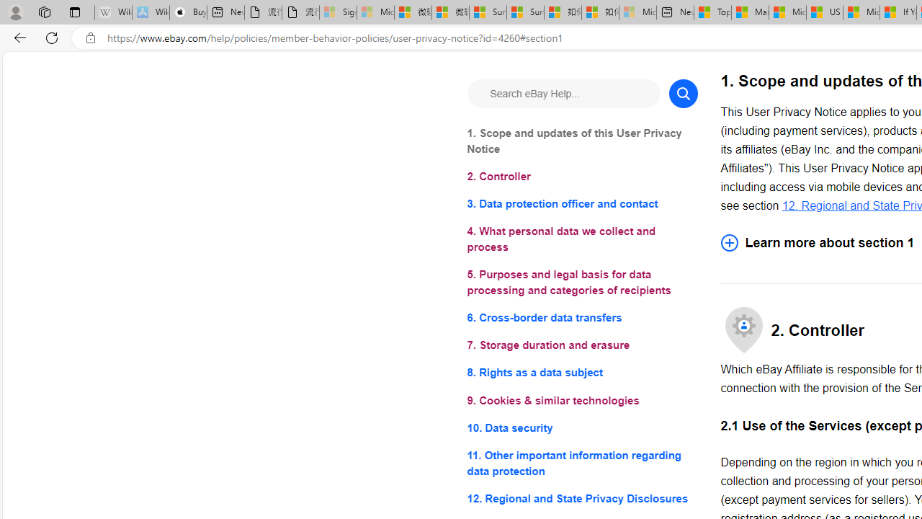  I want to click on '6. Cross-border data transfers', so click(582, 317).